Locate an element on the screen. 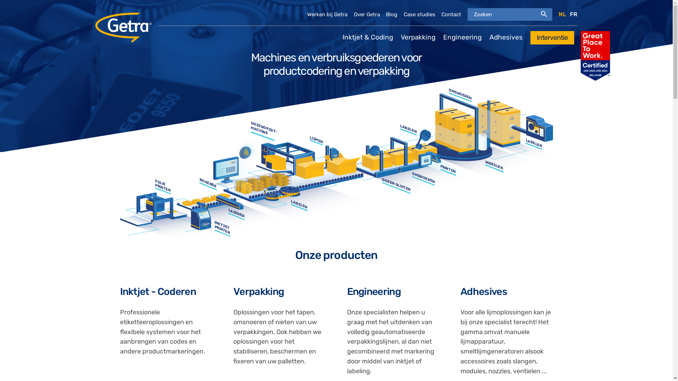  'Verpakking' is located at coordinates (258, 291).